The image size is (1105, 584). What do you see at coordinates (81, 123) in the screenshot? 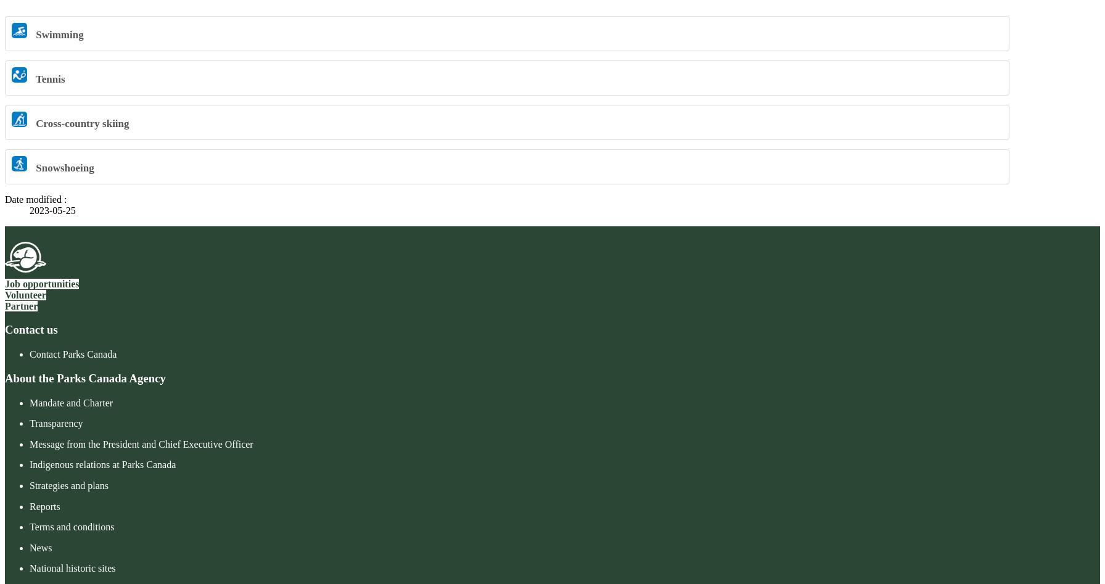
I see `'Cross-country skiing'` at bounding box center [81, 123].